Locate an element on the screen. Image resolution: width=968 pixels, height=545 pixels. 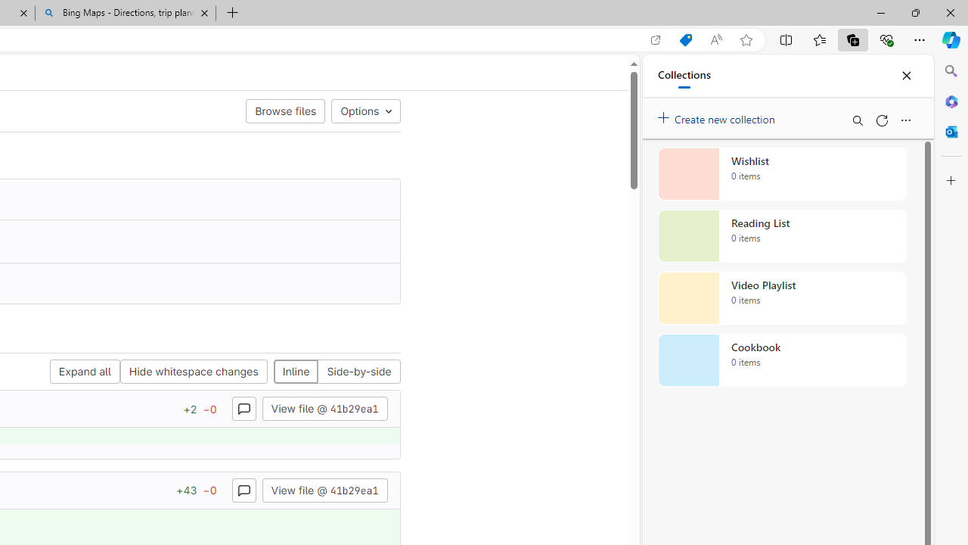
'Reading List collection, 0 items' is located at coordinates (782, 236).